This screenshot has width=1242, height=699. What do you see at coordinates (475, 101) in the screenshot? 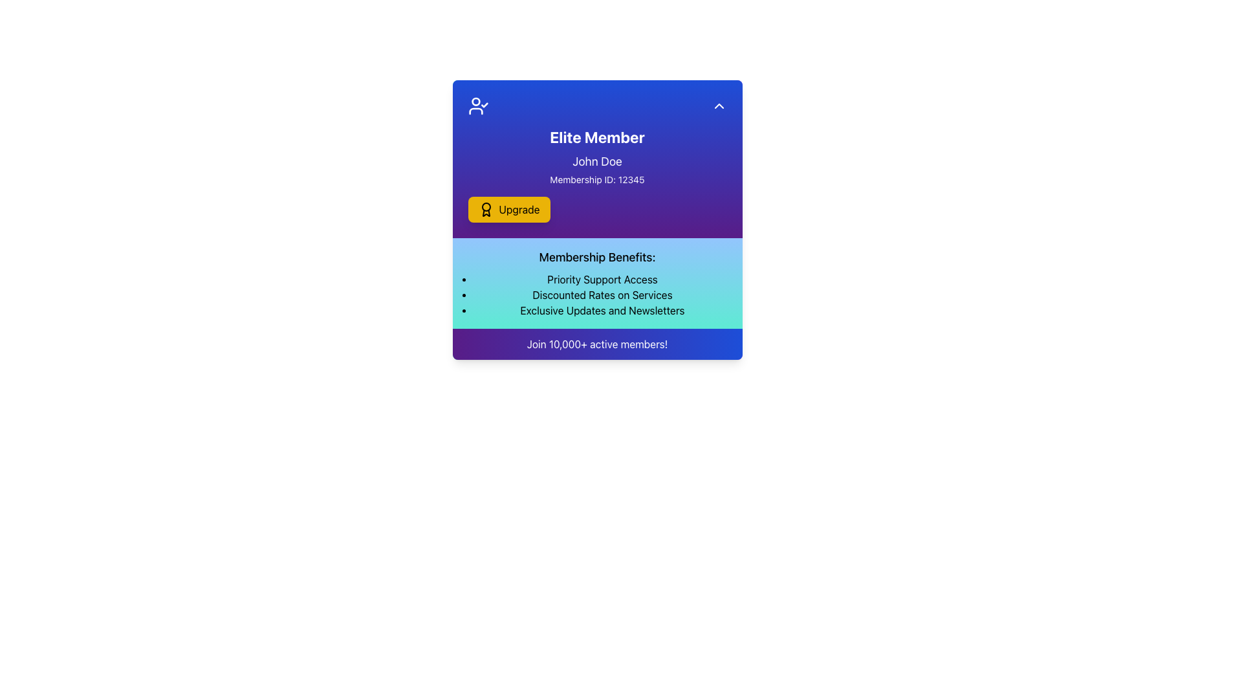
I see `the SVG circle component that represents the head of a human silhouette in the top-left section of the membership card` at bounding box center [475, 101].